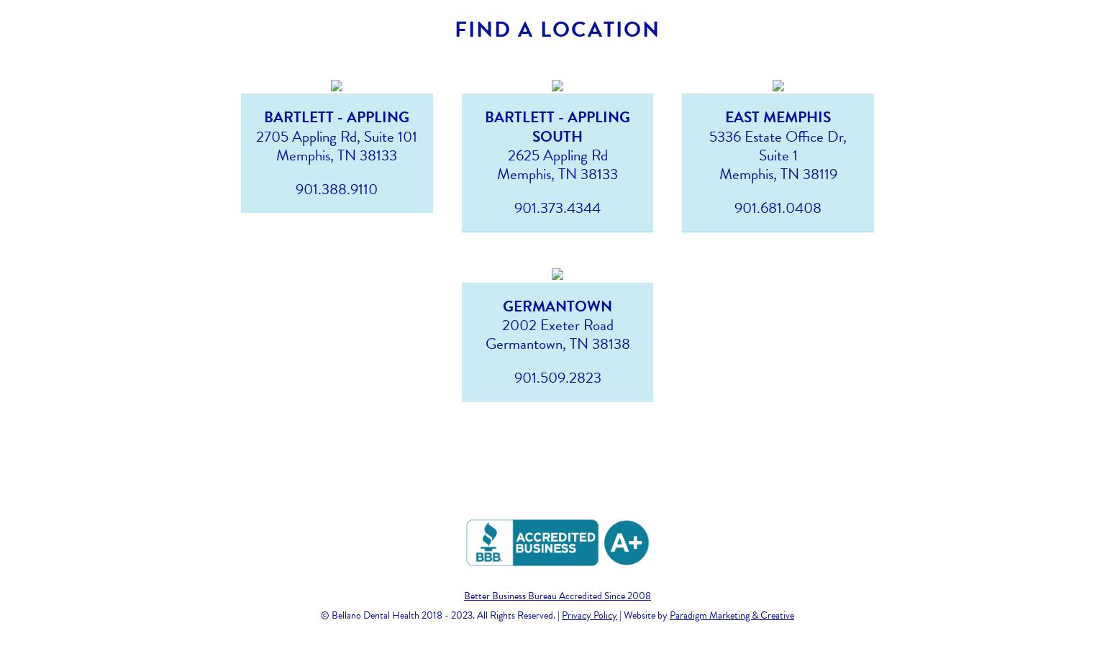  What do you see at coordinates (557, 344) in the screenshot?
I see `'Germantown, TN 38138'` at bounding box center [557, 344].